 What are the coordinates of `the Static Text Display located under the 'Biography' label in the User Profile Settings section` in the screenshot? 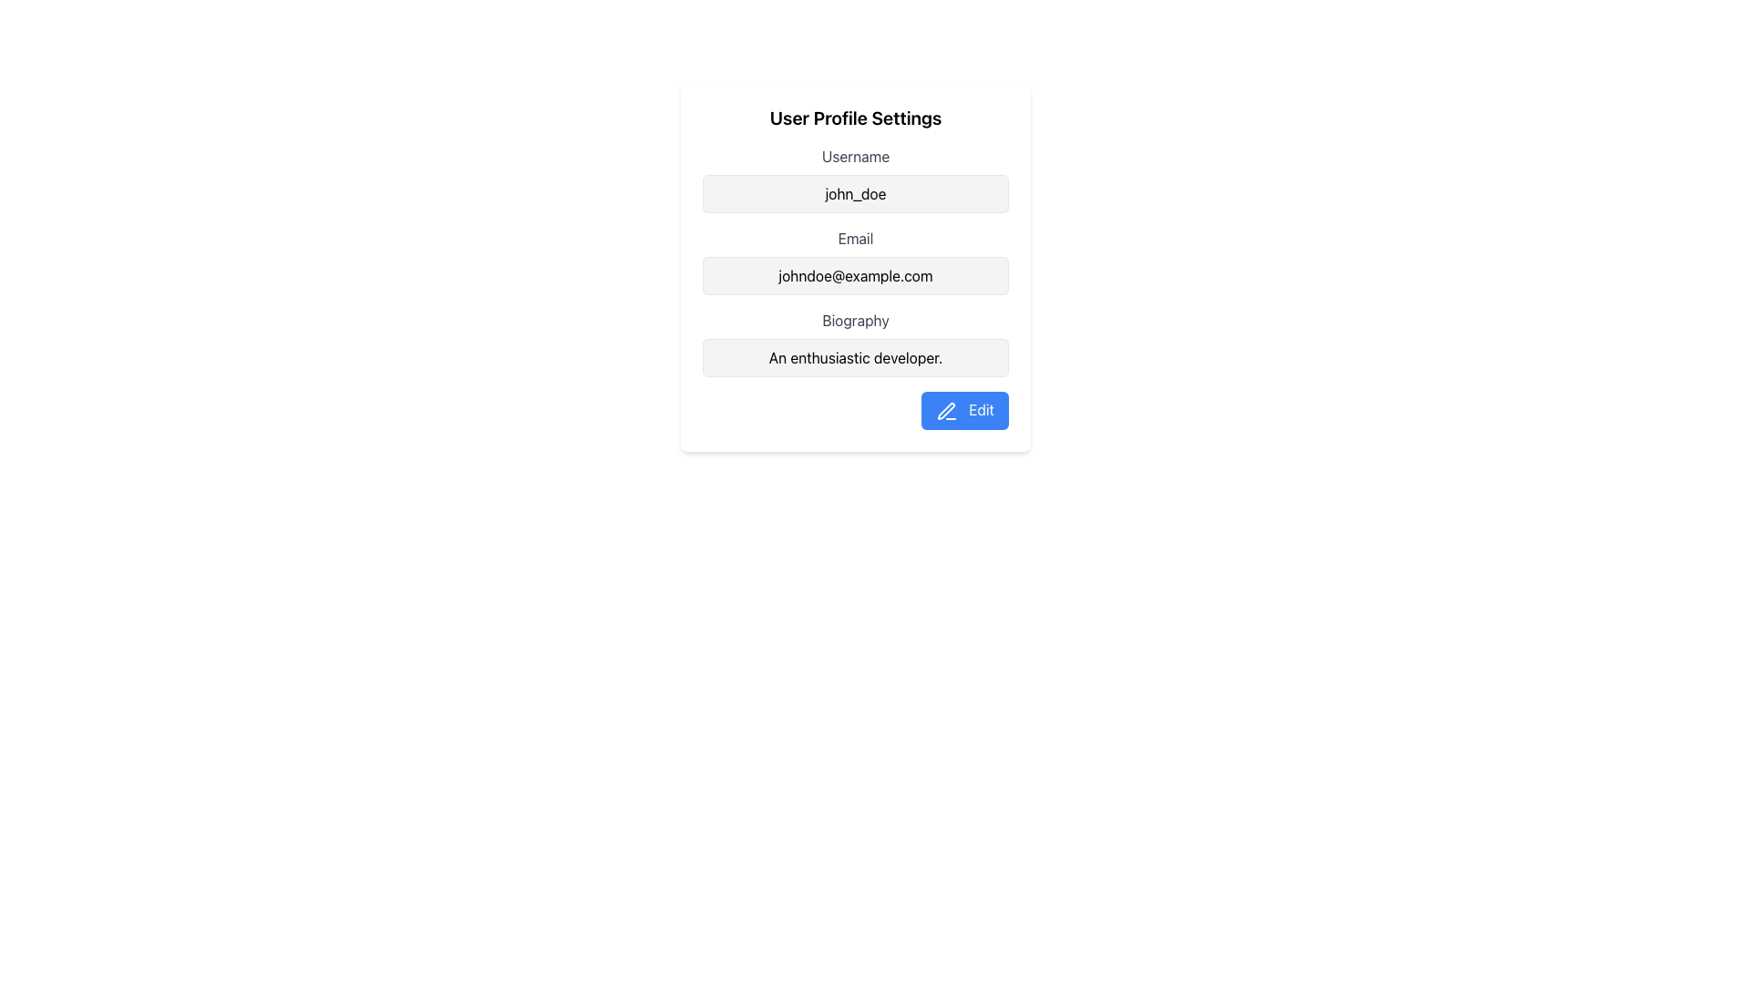 It's located at (855, 358).